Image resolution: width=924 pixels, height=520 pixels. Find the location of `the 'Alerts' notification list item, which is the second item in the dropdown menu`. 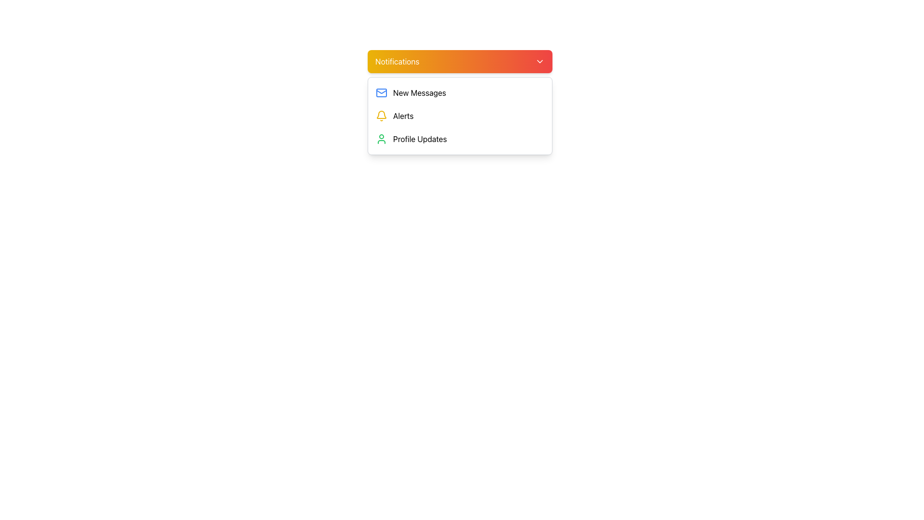

the 'Alerts' notification list item, which is the second item in the dropdown menu is located at coordinates (459, 115).